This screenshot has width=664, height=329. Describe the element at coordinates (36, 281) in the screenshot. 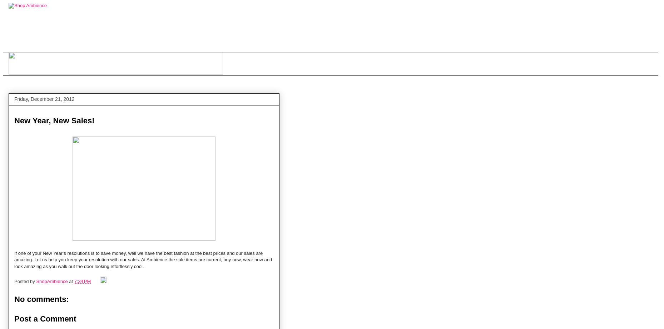

I see `'ShopAmbience'` at that location.